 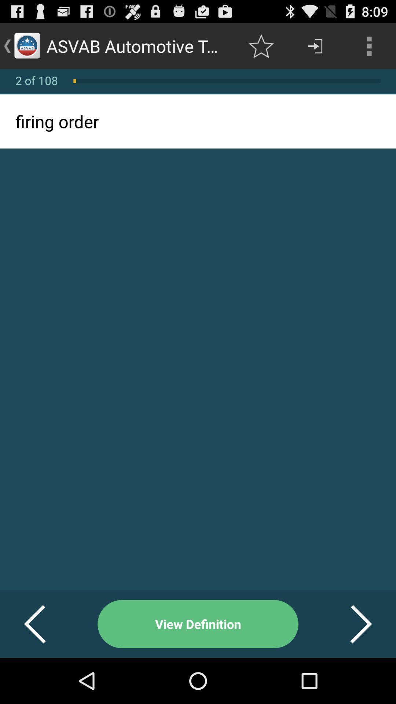 What do you see at coordinates (198, 624) in the screenshot?
I see `view definition` at bounding box center [198, 624].